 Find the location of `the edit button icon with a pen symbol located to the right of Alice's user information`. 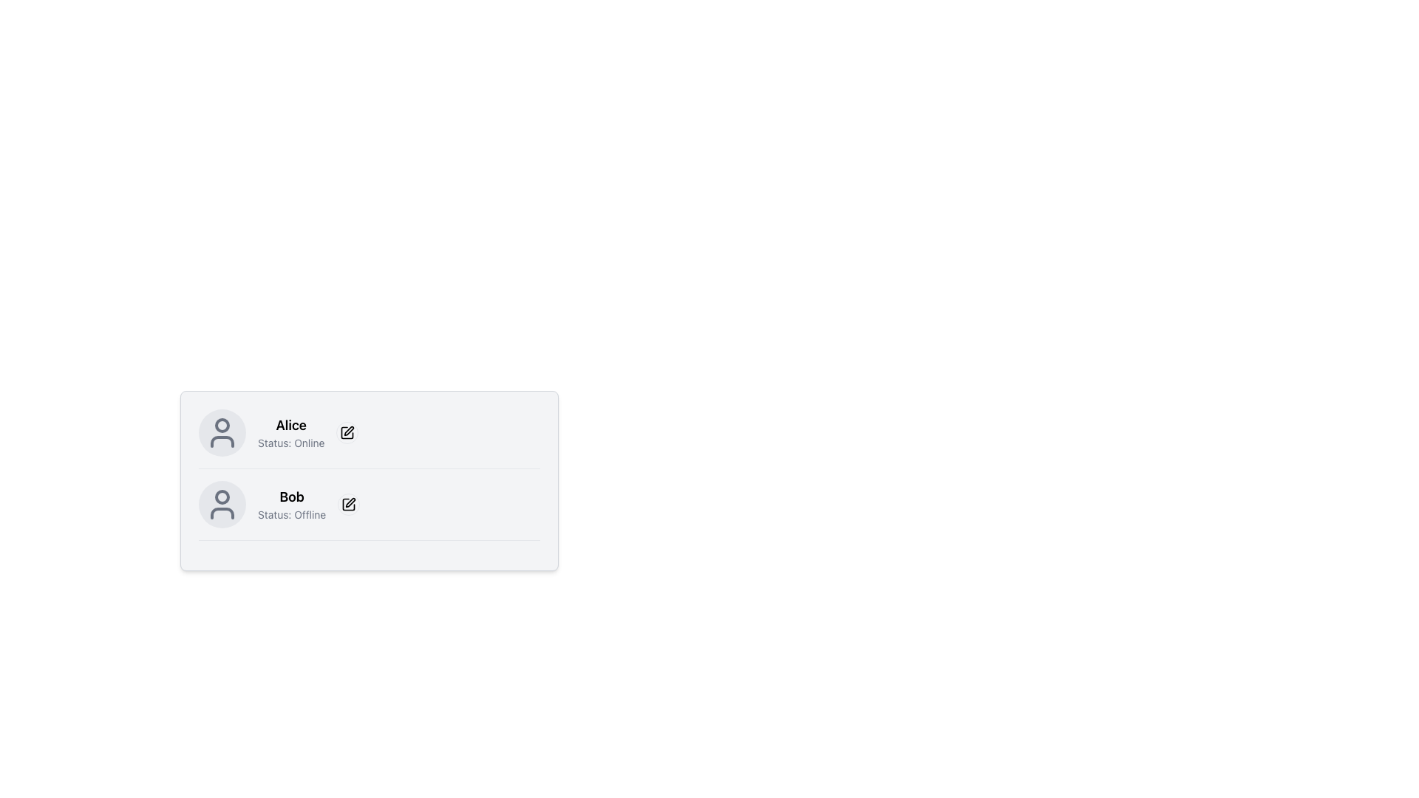

the edit button icon with a pen symbol located to the right of Alice's user information is located at coordinates (347, 432).